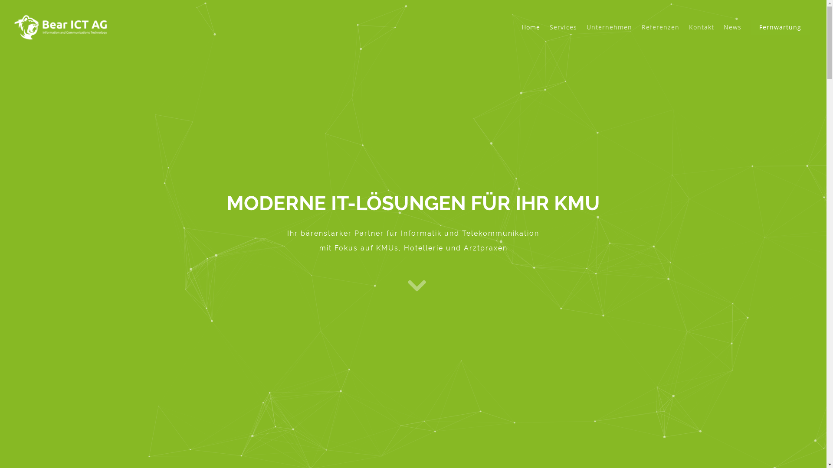 The image size is (833, 468). Describe the element at coordinates (637, 33) in the screenshot. I see `'Referenzen'` at that location.